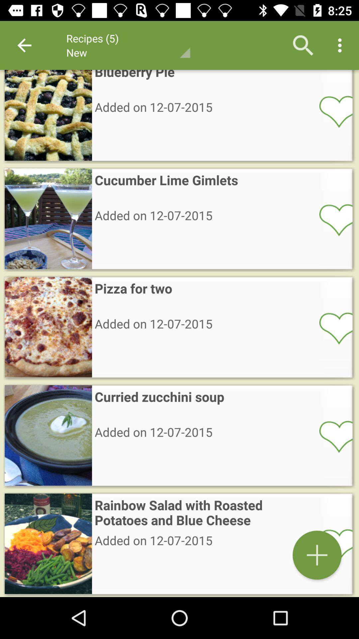  Describe the element at coordinates (331, 328) in the screenshot. I see `love the recipe` at that location.